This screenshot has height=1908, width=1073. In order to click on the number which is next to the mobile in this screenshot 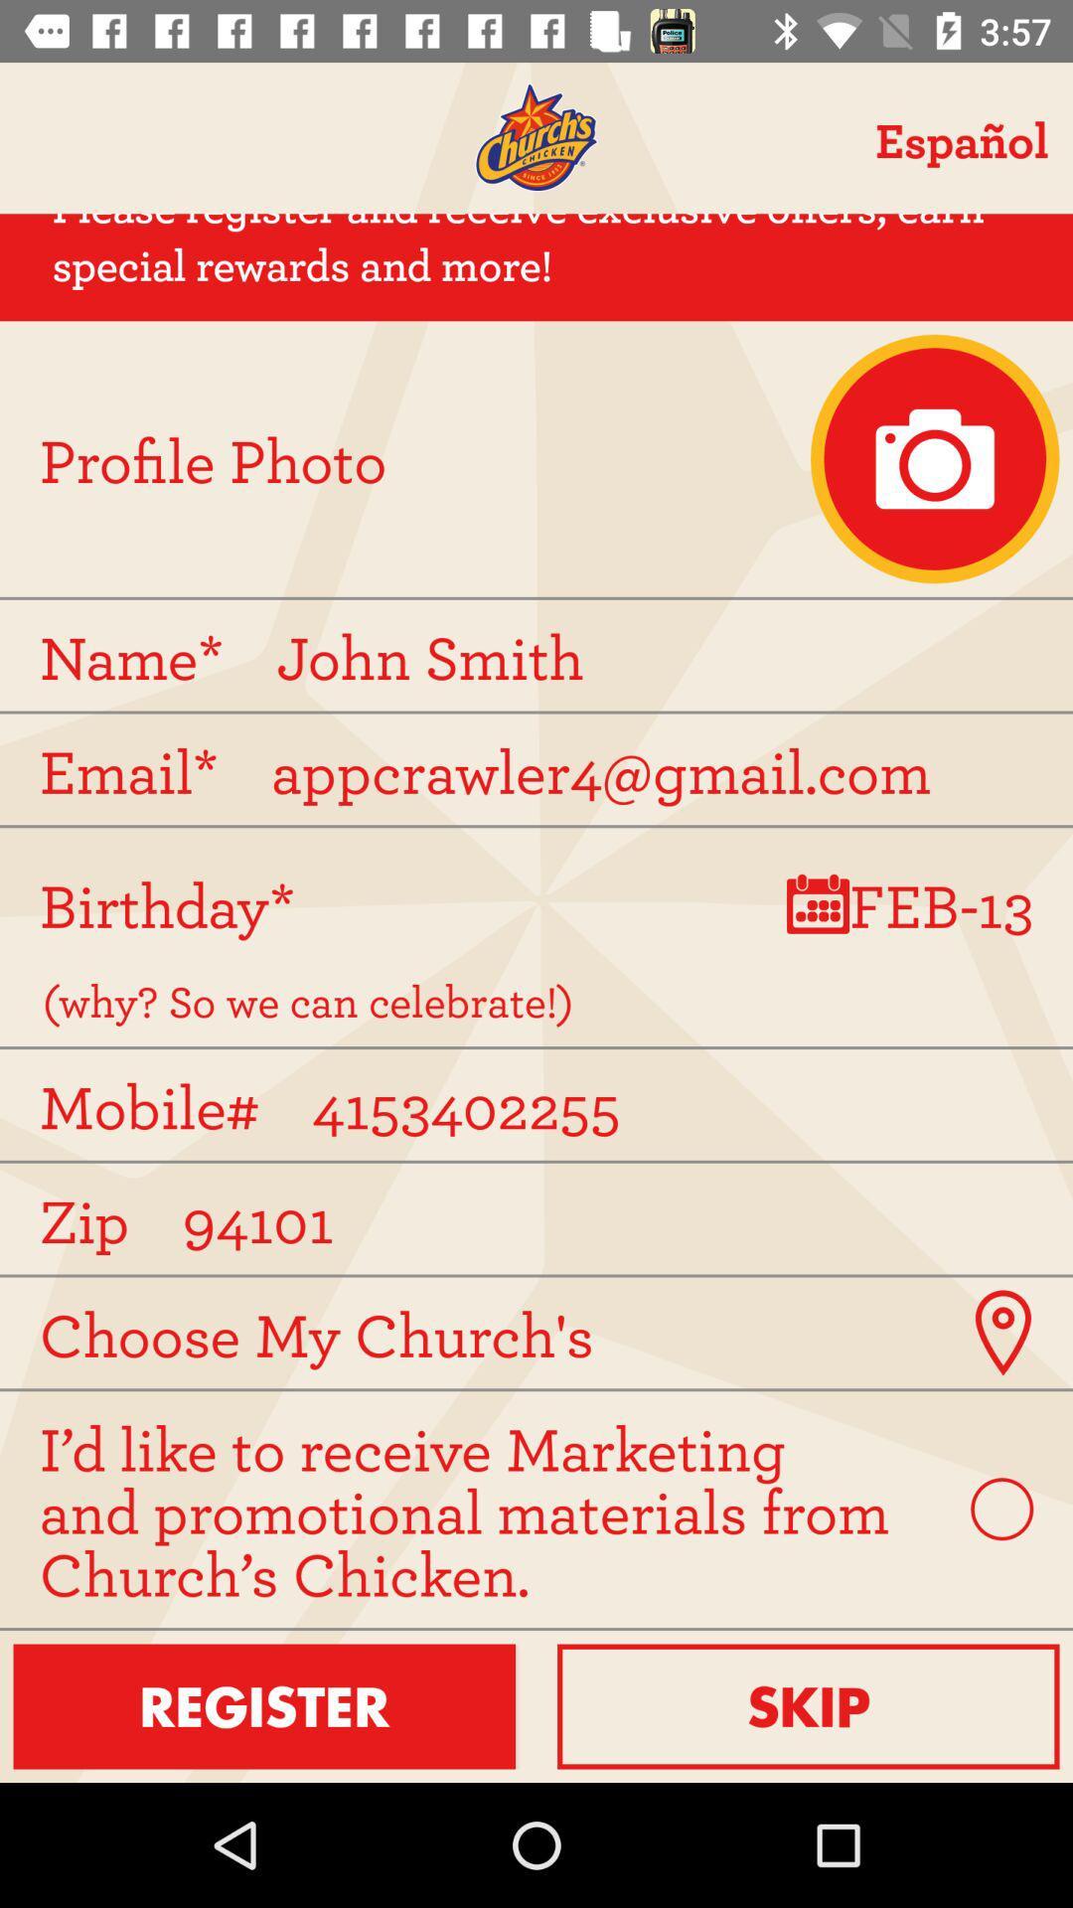, I will do `click(666, 1104)`.